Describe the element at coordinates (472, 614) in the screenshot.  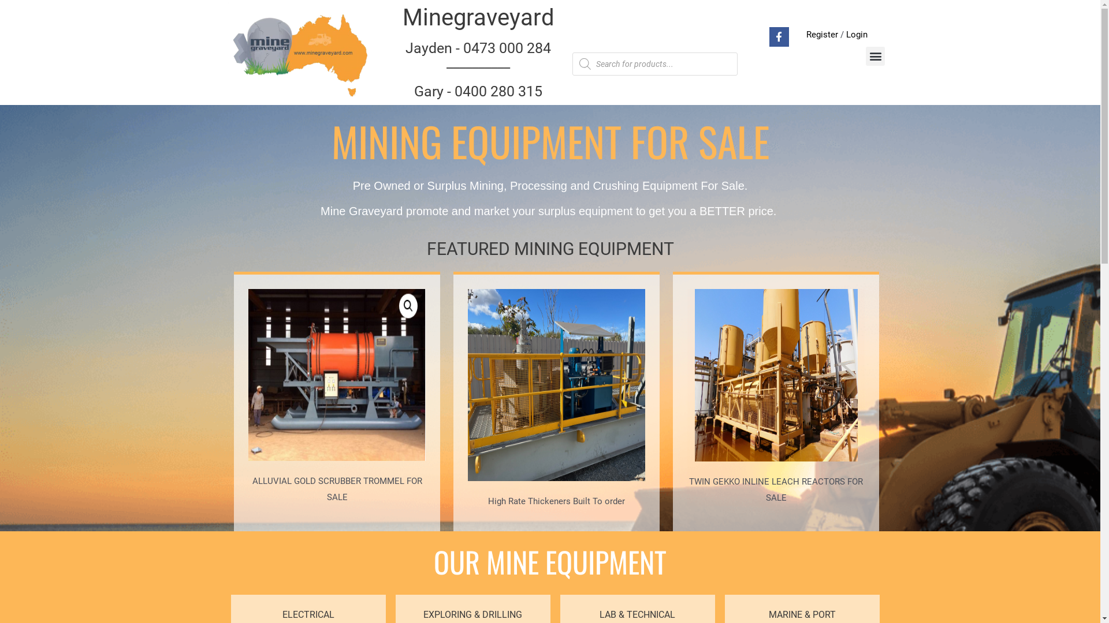
I see `'EXPLORING & DRILLING'` at that location.